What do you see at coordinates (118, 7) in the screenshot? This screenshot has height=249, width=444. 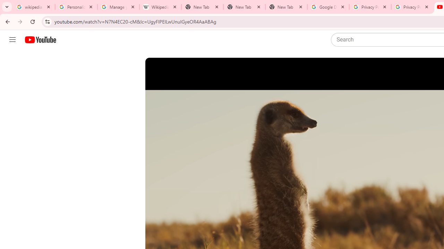 I see `'Manage your Location History - Google Search Help'` at bounding box center [118, 7].